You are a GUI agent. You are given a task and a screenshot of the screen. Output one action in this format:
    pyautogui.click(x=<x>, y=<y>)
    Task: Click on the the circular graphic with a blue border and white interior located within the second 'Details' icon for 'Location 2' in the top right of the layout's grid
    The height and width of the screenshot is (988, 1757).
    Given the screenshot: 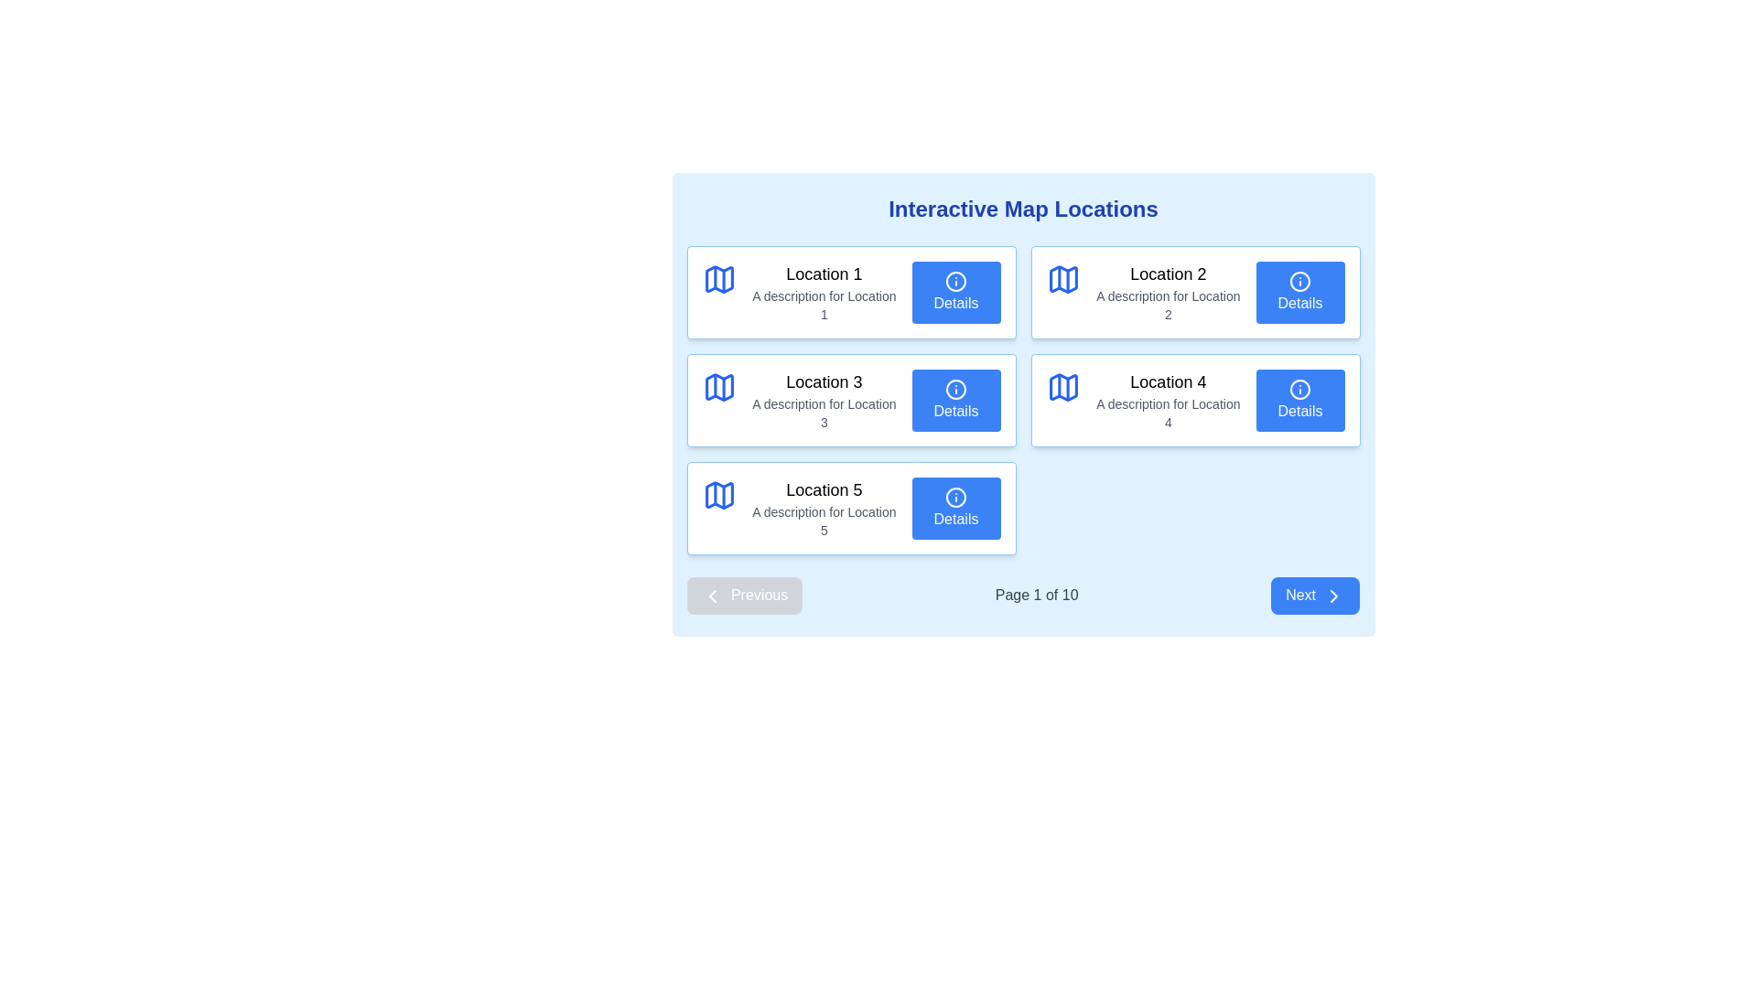 What is the action you would take?
    pyautogui.click(x=1299, y=282)
    